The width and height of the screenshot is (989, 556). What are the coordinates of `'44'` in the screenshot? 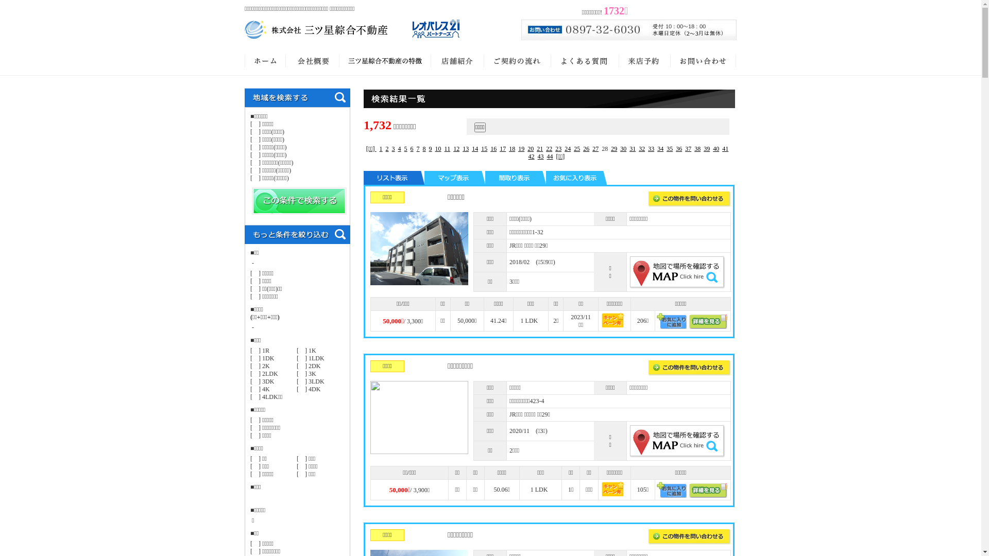 It's located at (546, 157).